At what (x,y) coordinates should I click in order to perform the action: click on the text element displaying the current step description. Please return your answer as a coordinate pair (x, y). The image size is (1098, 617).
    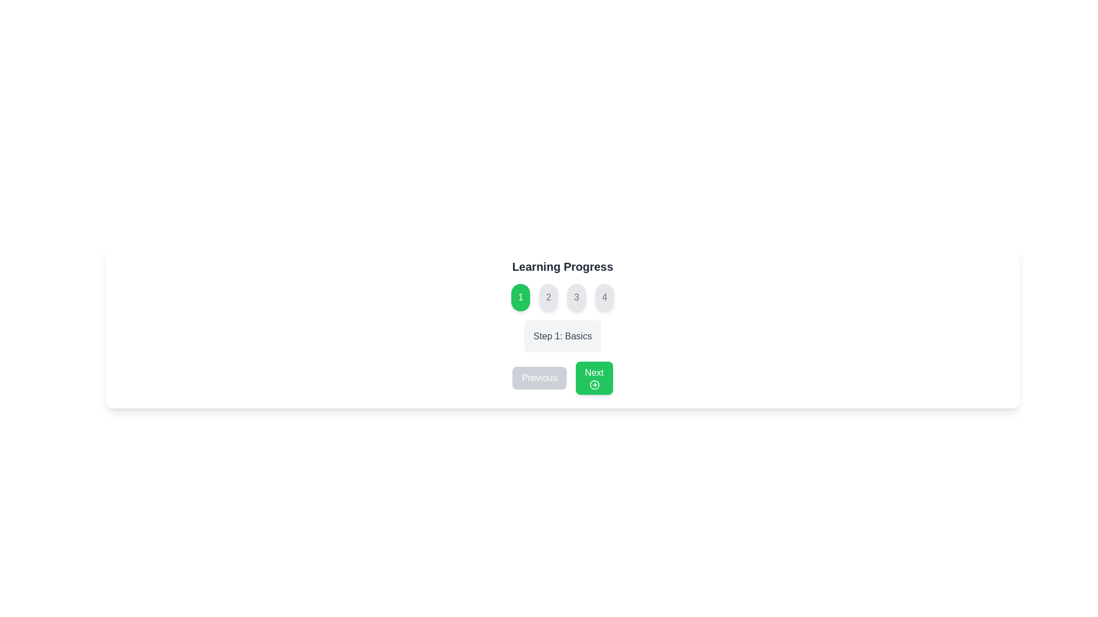
    Looking at the image, I should click on (562, 336).